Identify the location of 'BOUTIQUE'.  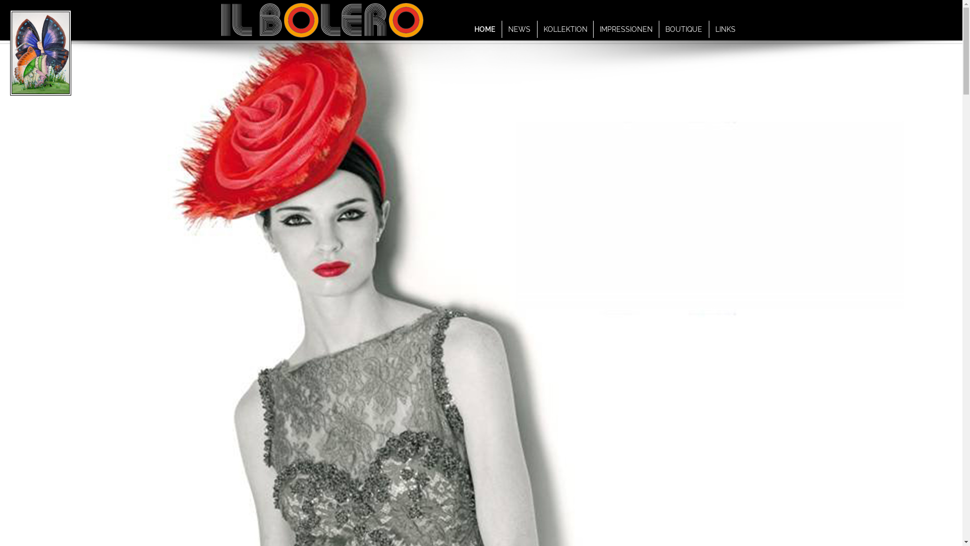
(684, 28).